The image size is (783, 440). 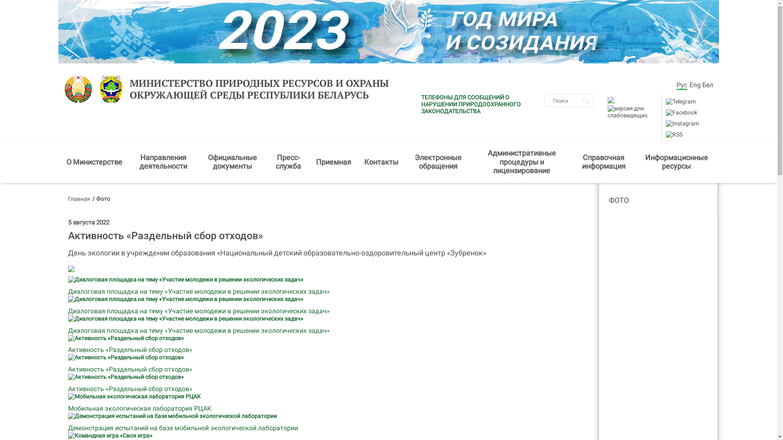 I want to click on 'Eng', so click(x=694, y=85).